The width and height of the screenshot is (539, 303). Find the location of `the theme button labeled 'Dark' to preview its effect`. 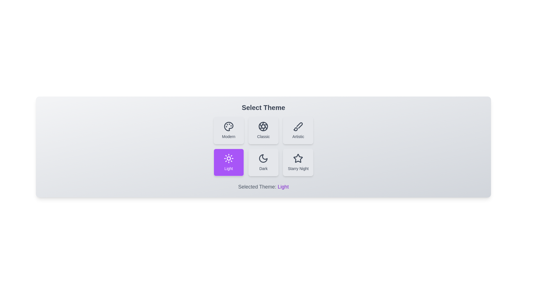

the theme button labeled 'Dark' to preview its effect is located at coordinates (263, 162).